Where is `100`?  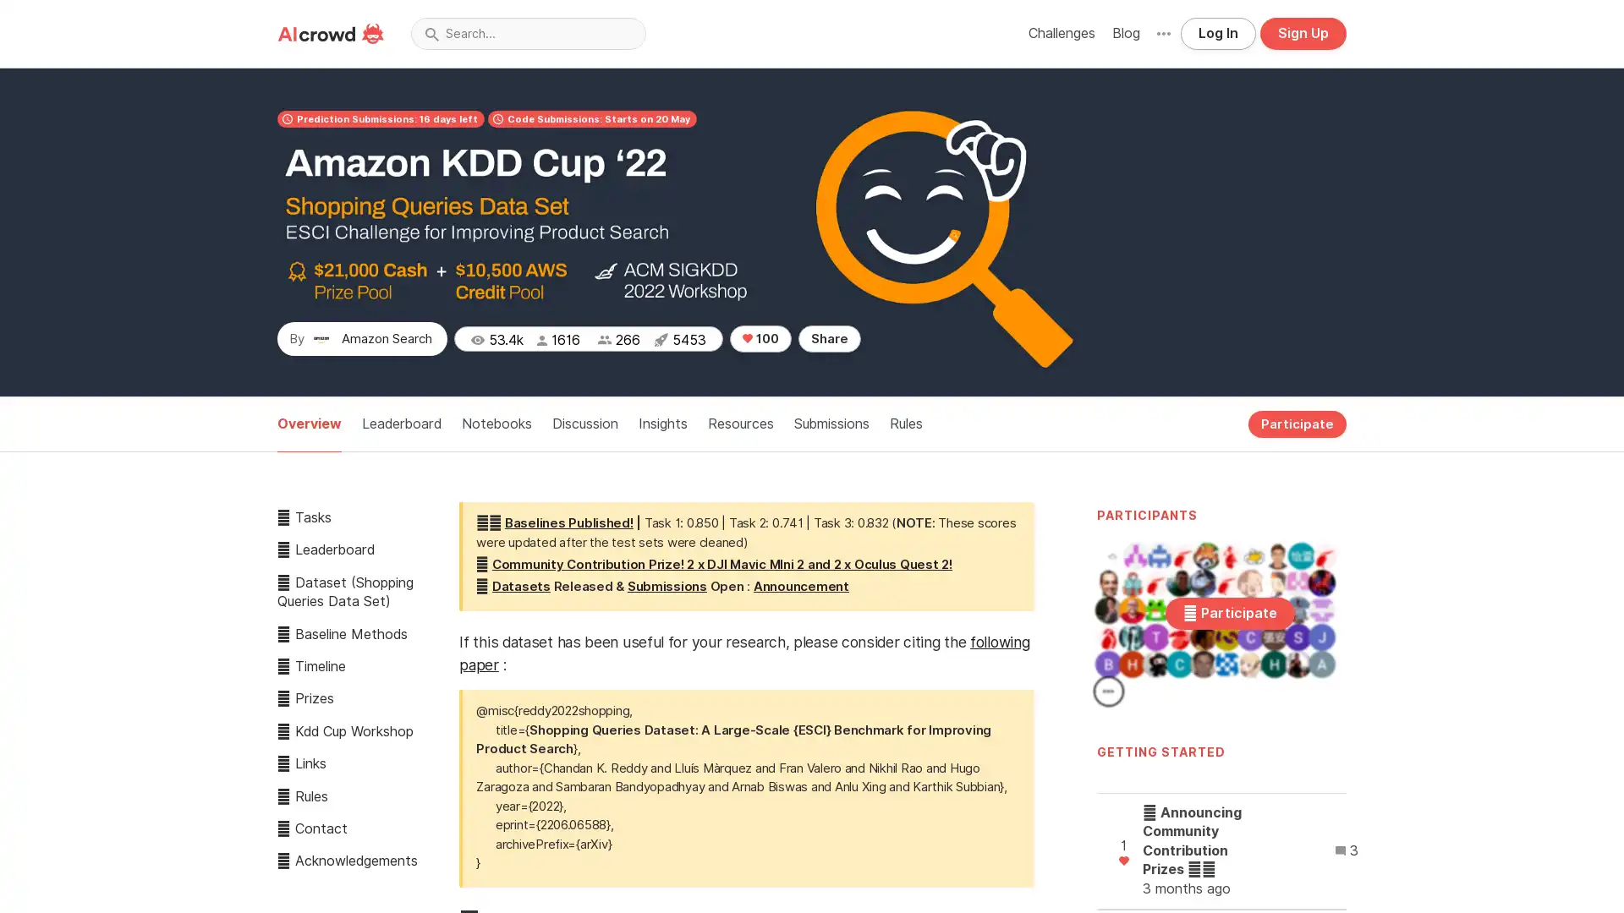 100 is located at coordinates (760, 338).